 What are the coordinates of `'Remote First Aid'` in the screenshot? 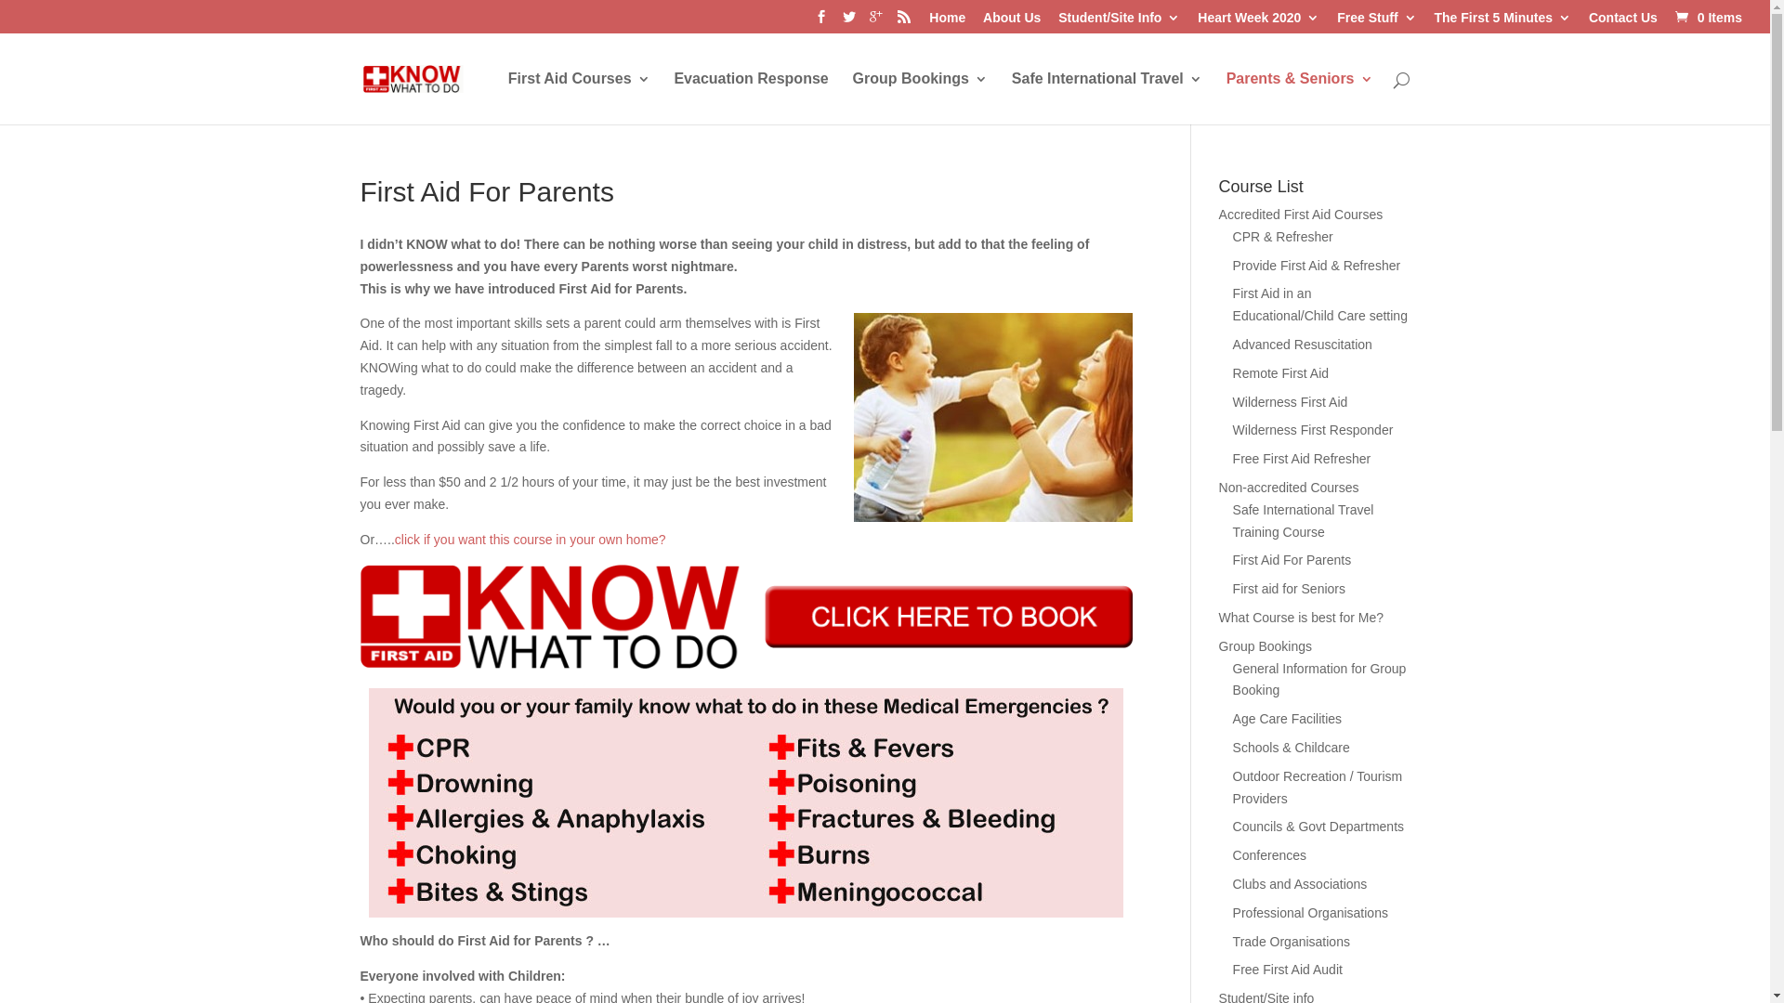 It's located at (1279, 372).